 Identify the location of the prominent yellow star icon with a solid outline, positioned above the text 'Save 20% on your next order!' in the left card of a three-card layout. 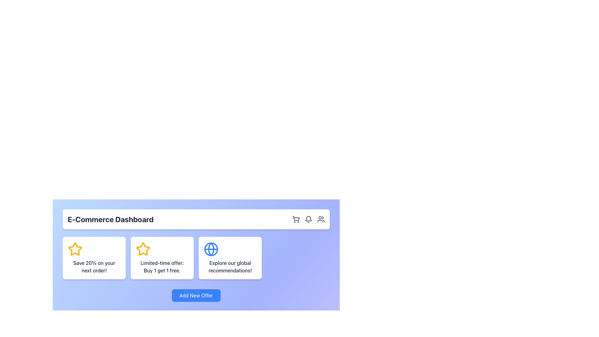
(75, 249).